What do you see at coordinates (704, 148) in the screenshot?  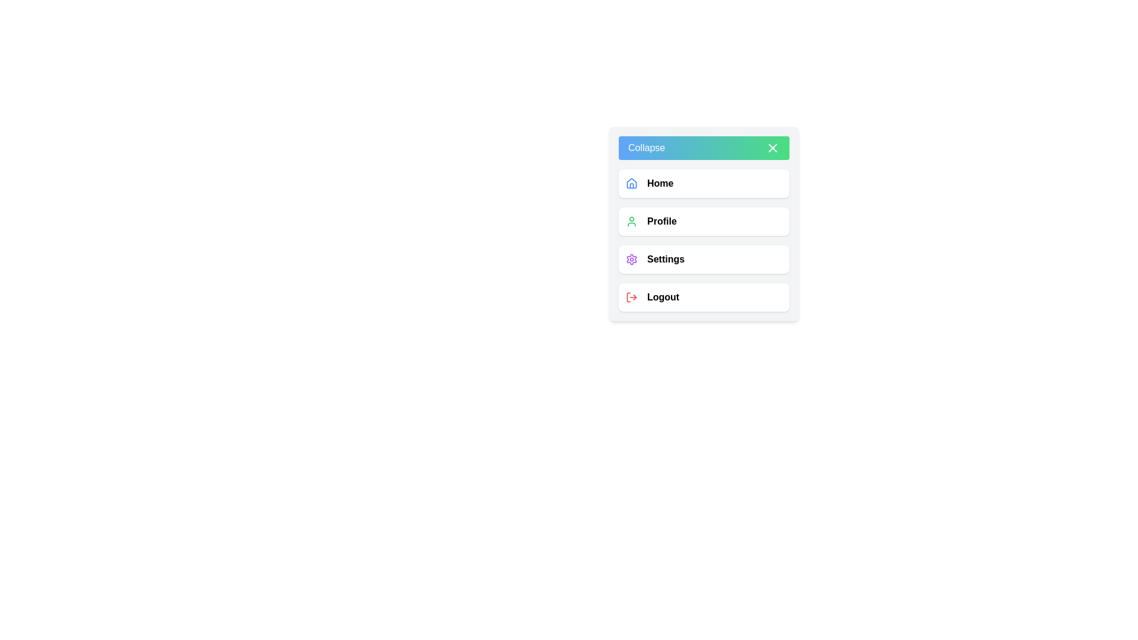 I see `the toggle button to toggle the menu state` at bounding box center [704, 148].